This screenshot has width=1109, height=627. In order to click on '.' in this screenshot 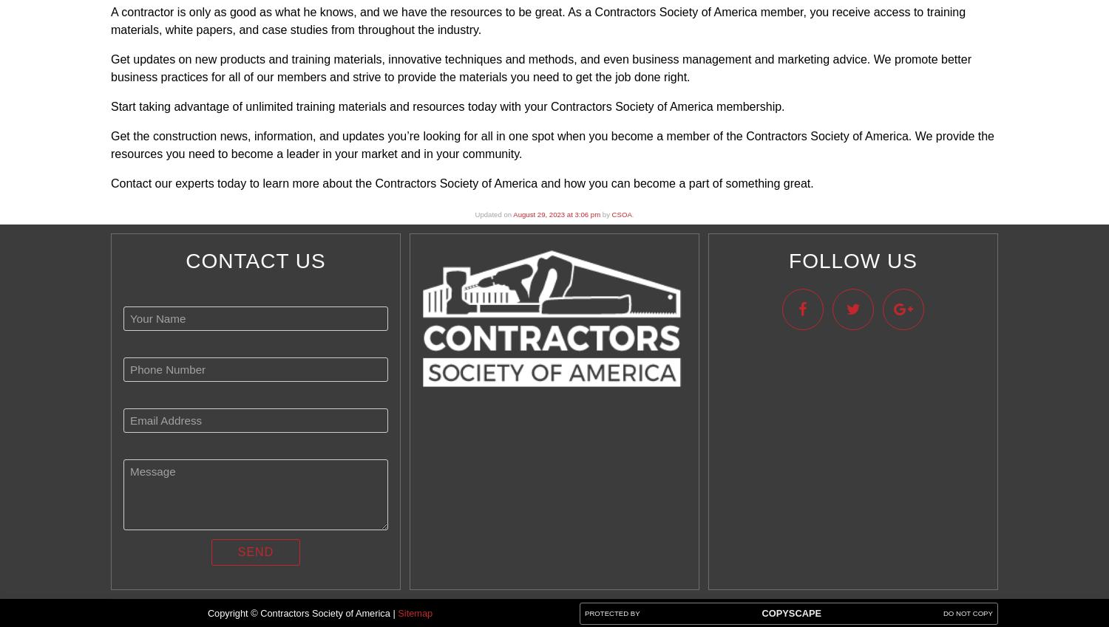, I will do `click(630, 213)`.